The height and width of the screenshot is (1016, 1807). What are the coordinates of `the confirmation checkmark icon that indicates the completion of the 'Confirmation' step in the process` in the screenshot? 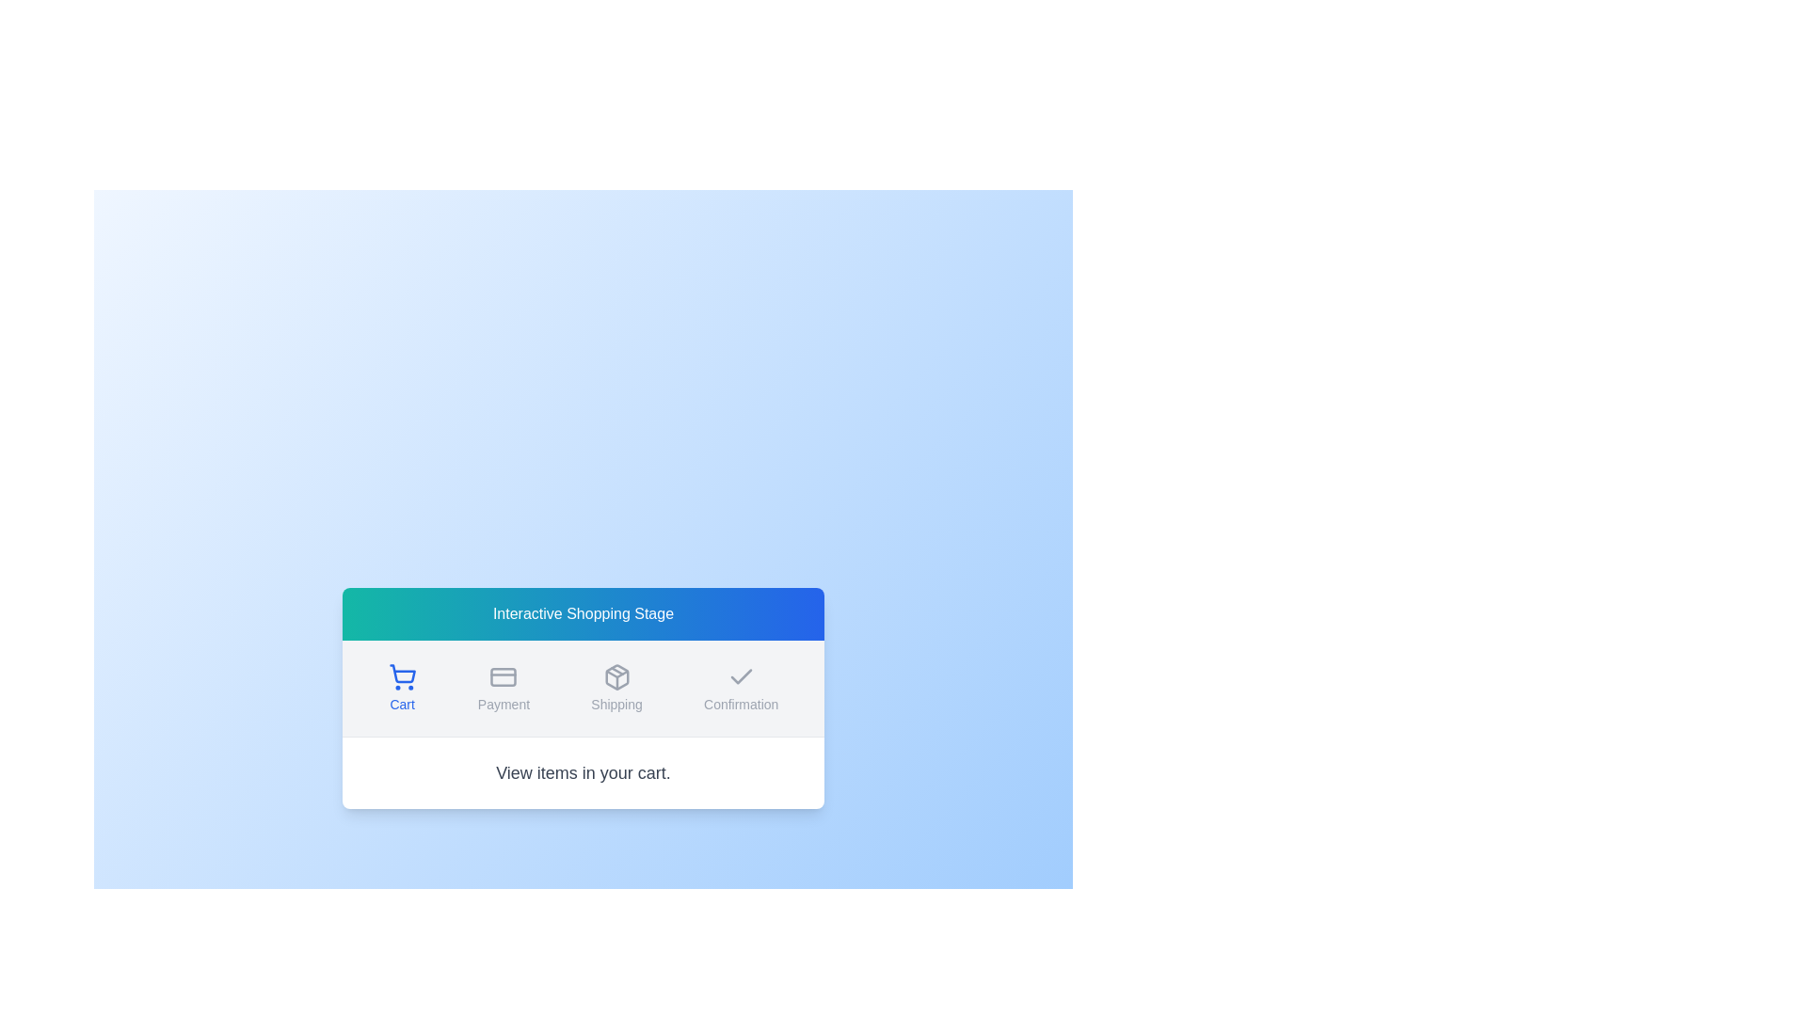 It's located at (740, 675).